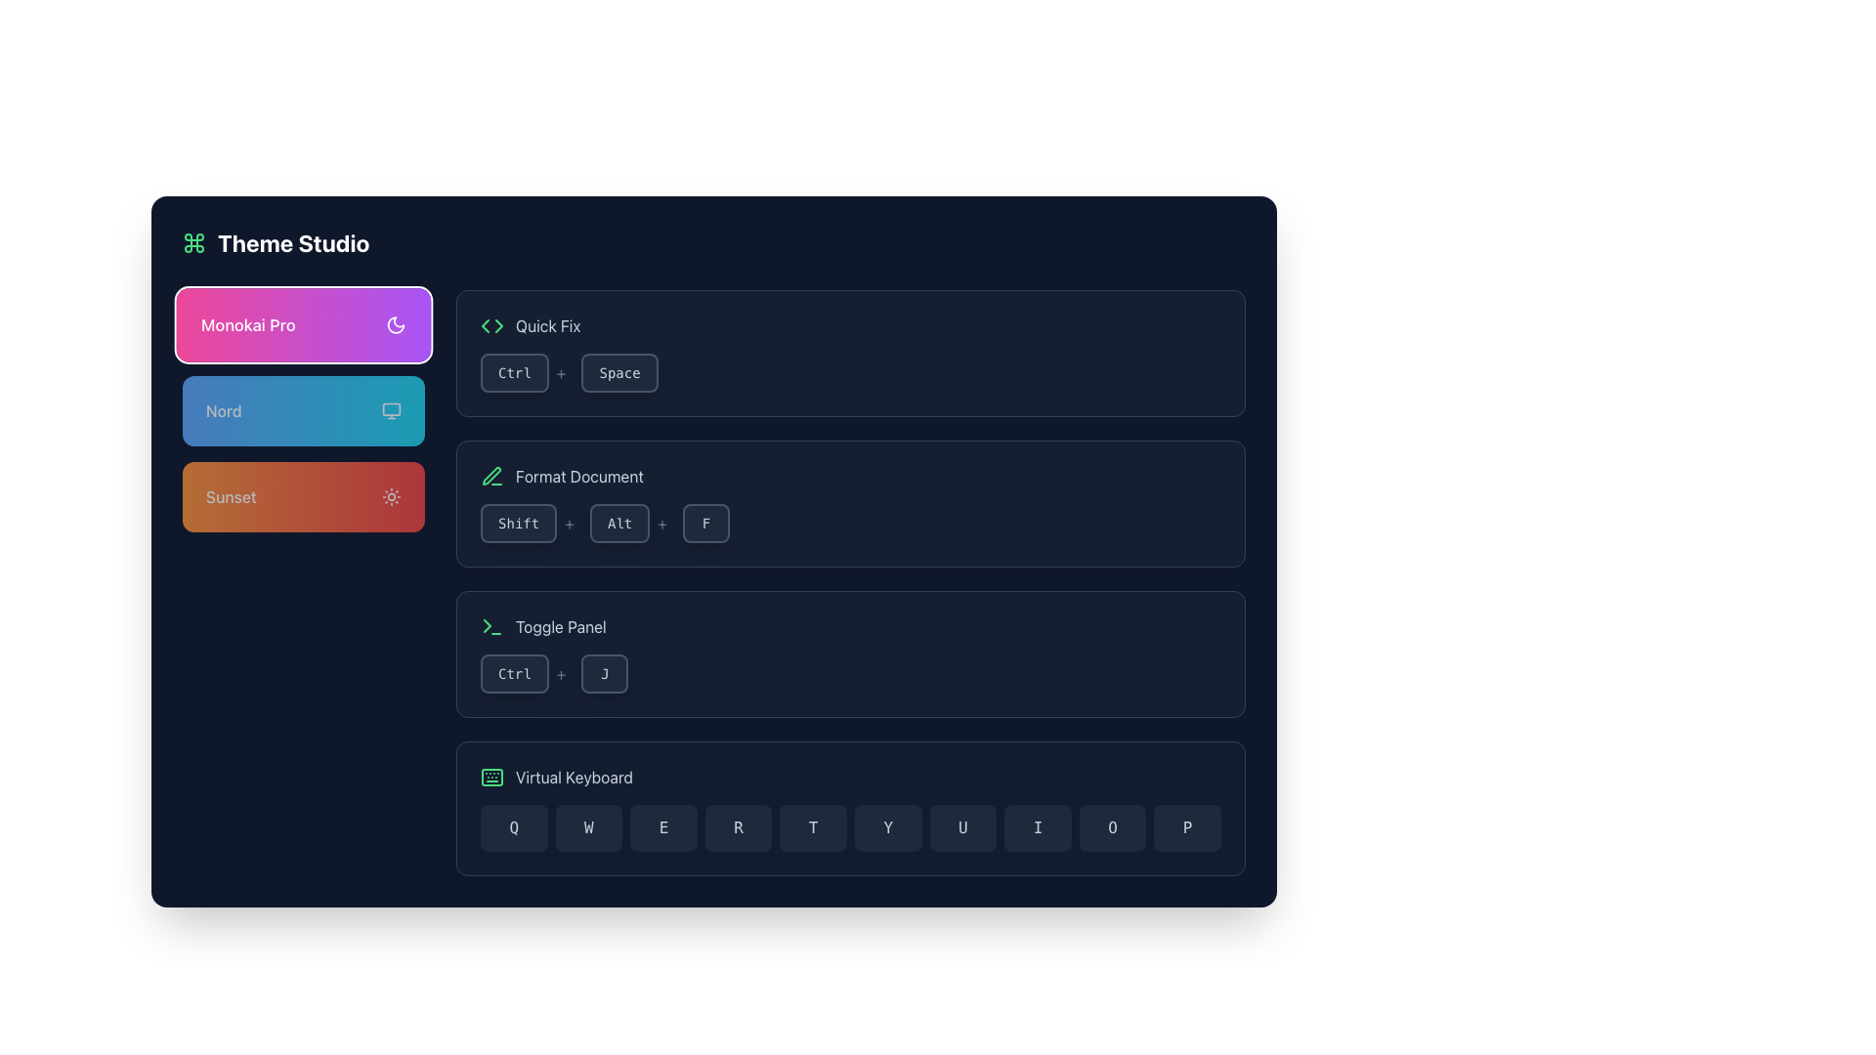  What do you see at coordinates (738, 828) in the screenshot?
I see `the 'R' key button on the virtual keyboard` at bounding box center [738, 828].